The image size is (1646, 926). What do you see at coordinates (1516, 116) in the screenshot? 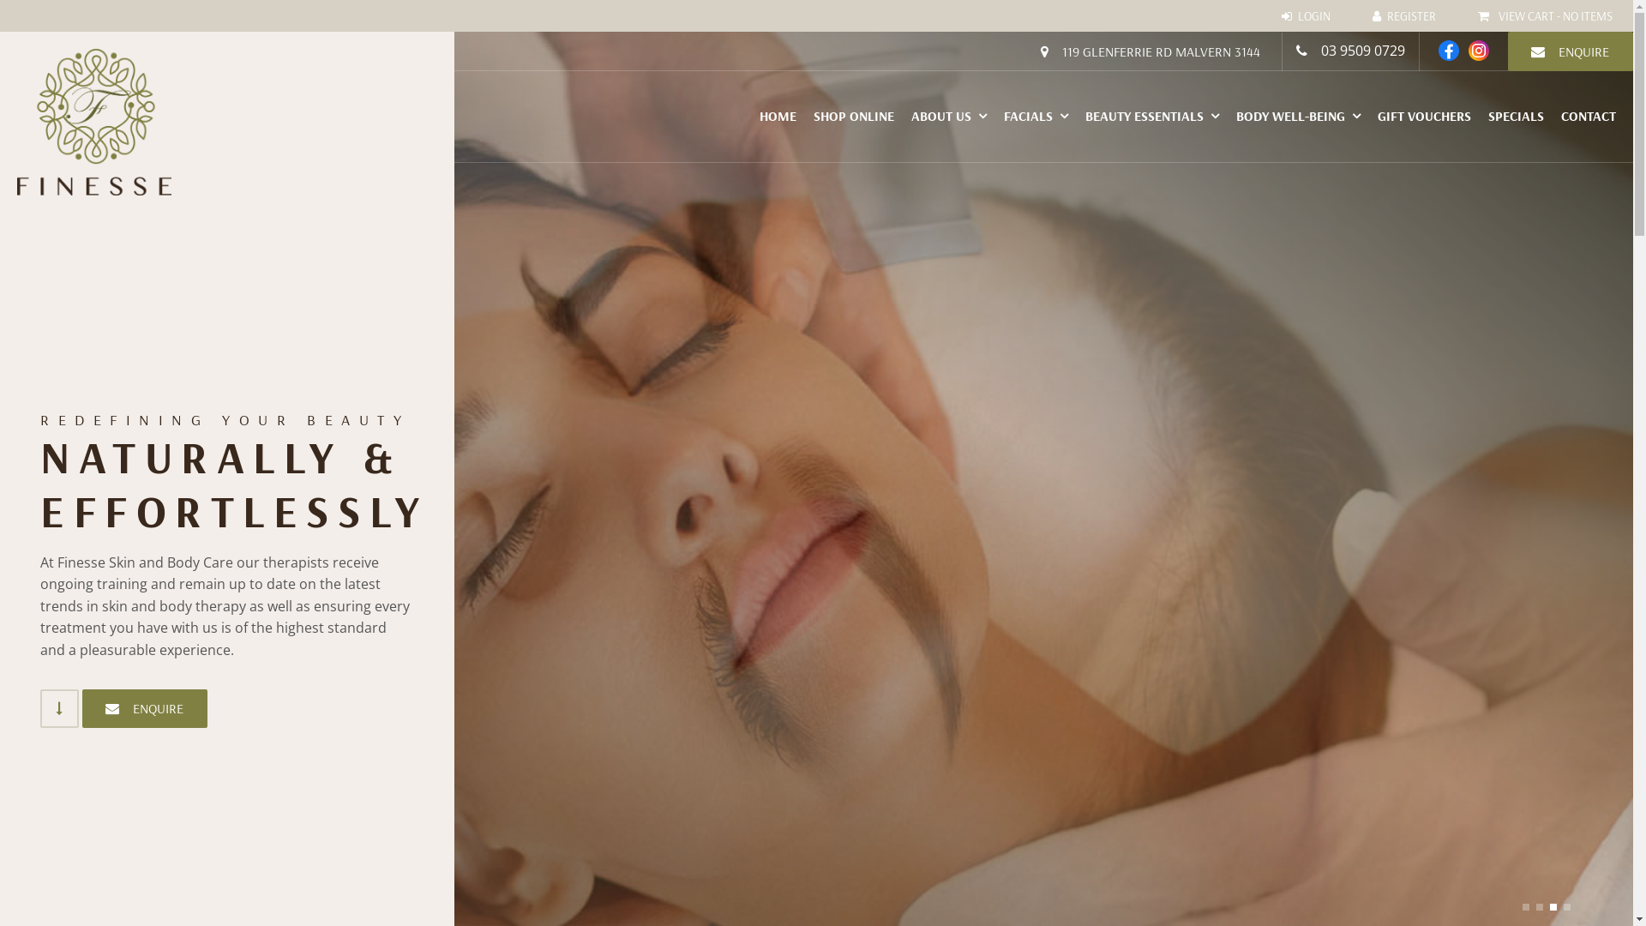
I see `'SPECIALS'` at bounding box center [1516, 116].